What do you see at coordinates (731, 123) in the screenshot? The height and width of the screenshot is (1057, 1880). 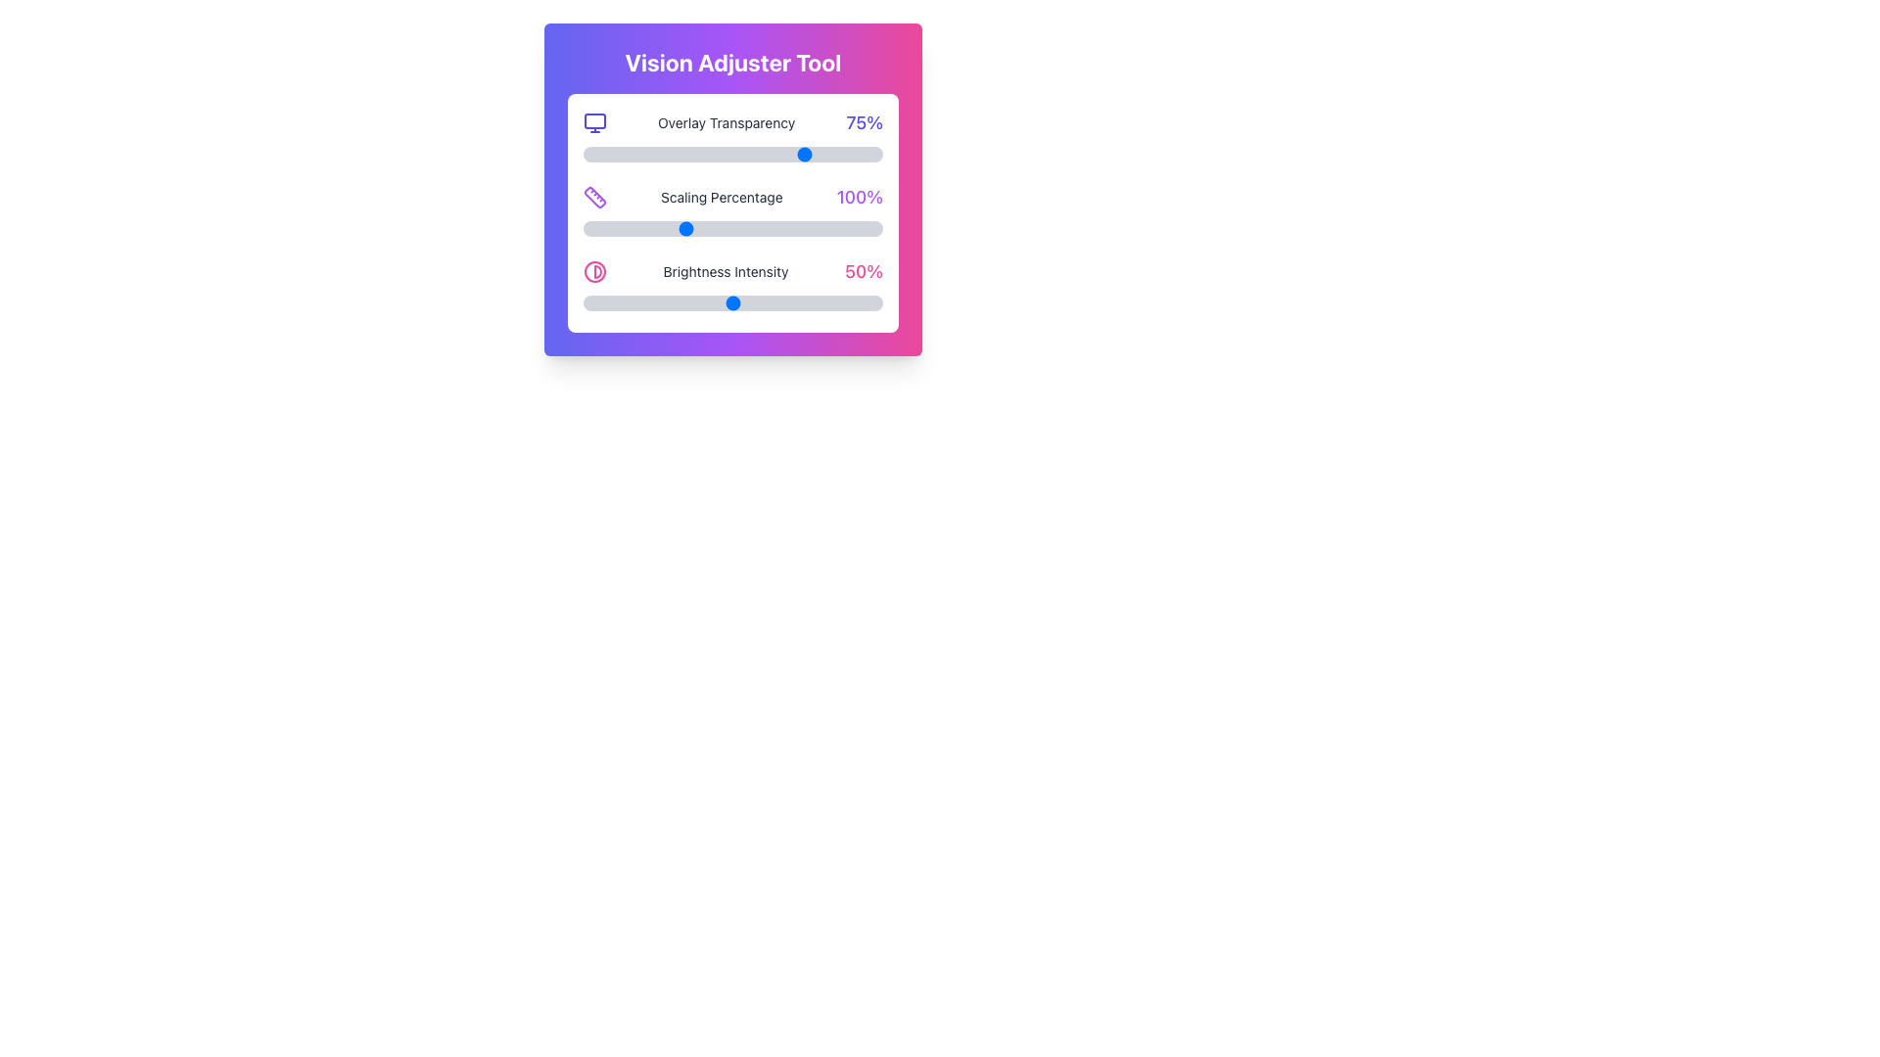 I see `the percentage value displayed as '75%' next to the 'Overlay Transparency' label and monitor icon in the Vision Adjuster Tool panel` at bounding box center [731, 123].